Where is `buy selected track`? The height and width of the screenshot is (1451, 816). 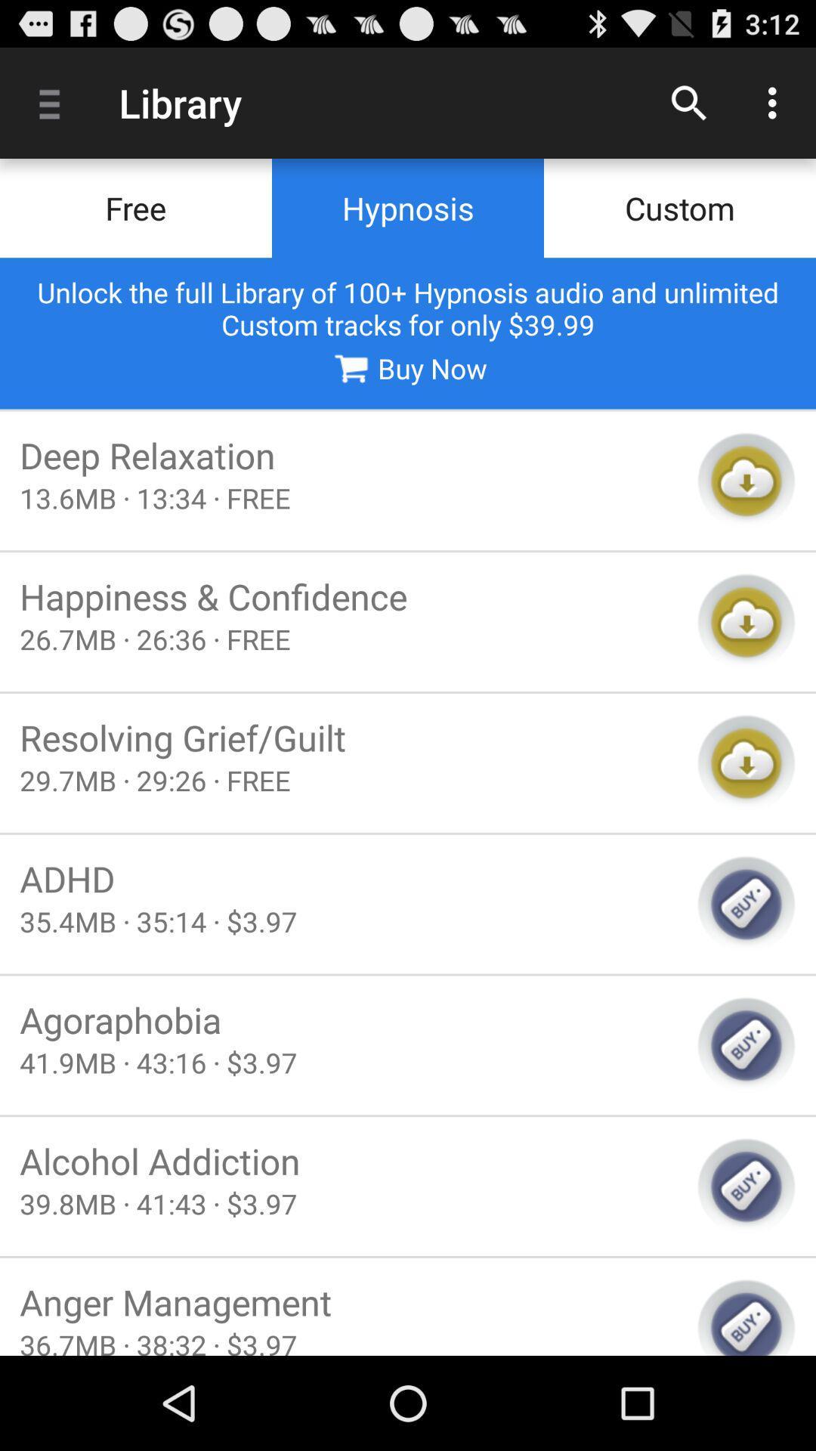
buy selected track is located at coordinates (746, 904).